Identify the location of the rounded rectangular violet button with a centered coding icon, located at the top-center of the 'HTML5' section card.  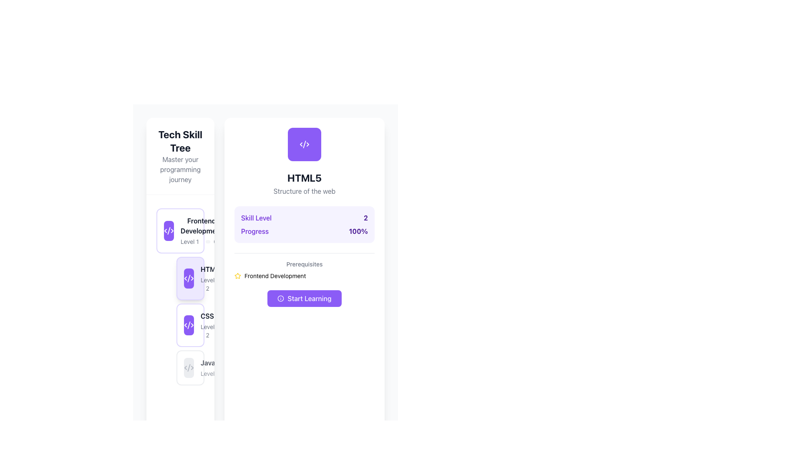
(304, 144).